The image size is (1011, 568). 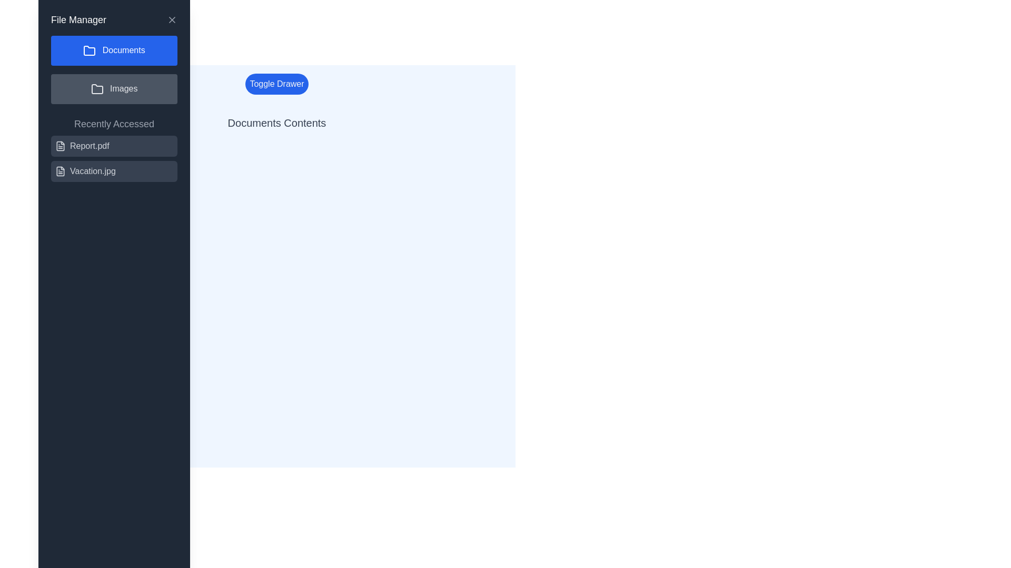 I want to click on the folder icon represented by the SVG graphical element with a rectangular body and a tab cutout, so click(x=97, y=88).